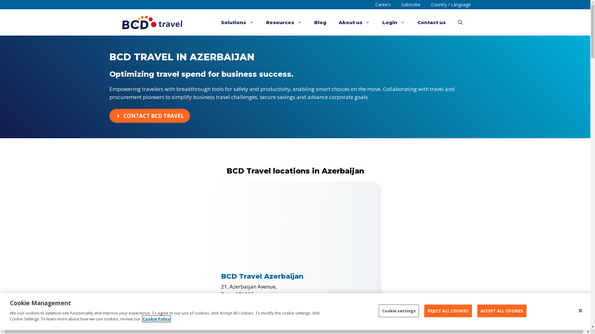 Image resolution: width=595 pixels, height=334 pixels. I want to click on 'Subscribe', so click(411, 5).